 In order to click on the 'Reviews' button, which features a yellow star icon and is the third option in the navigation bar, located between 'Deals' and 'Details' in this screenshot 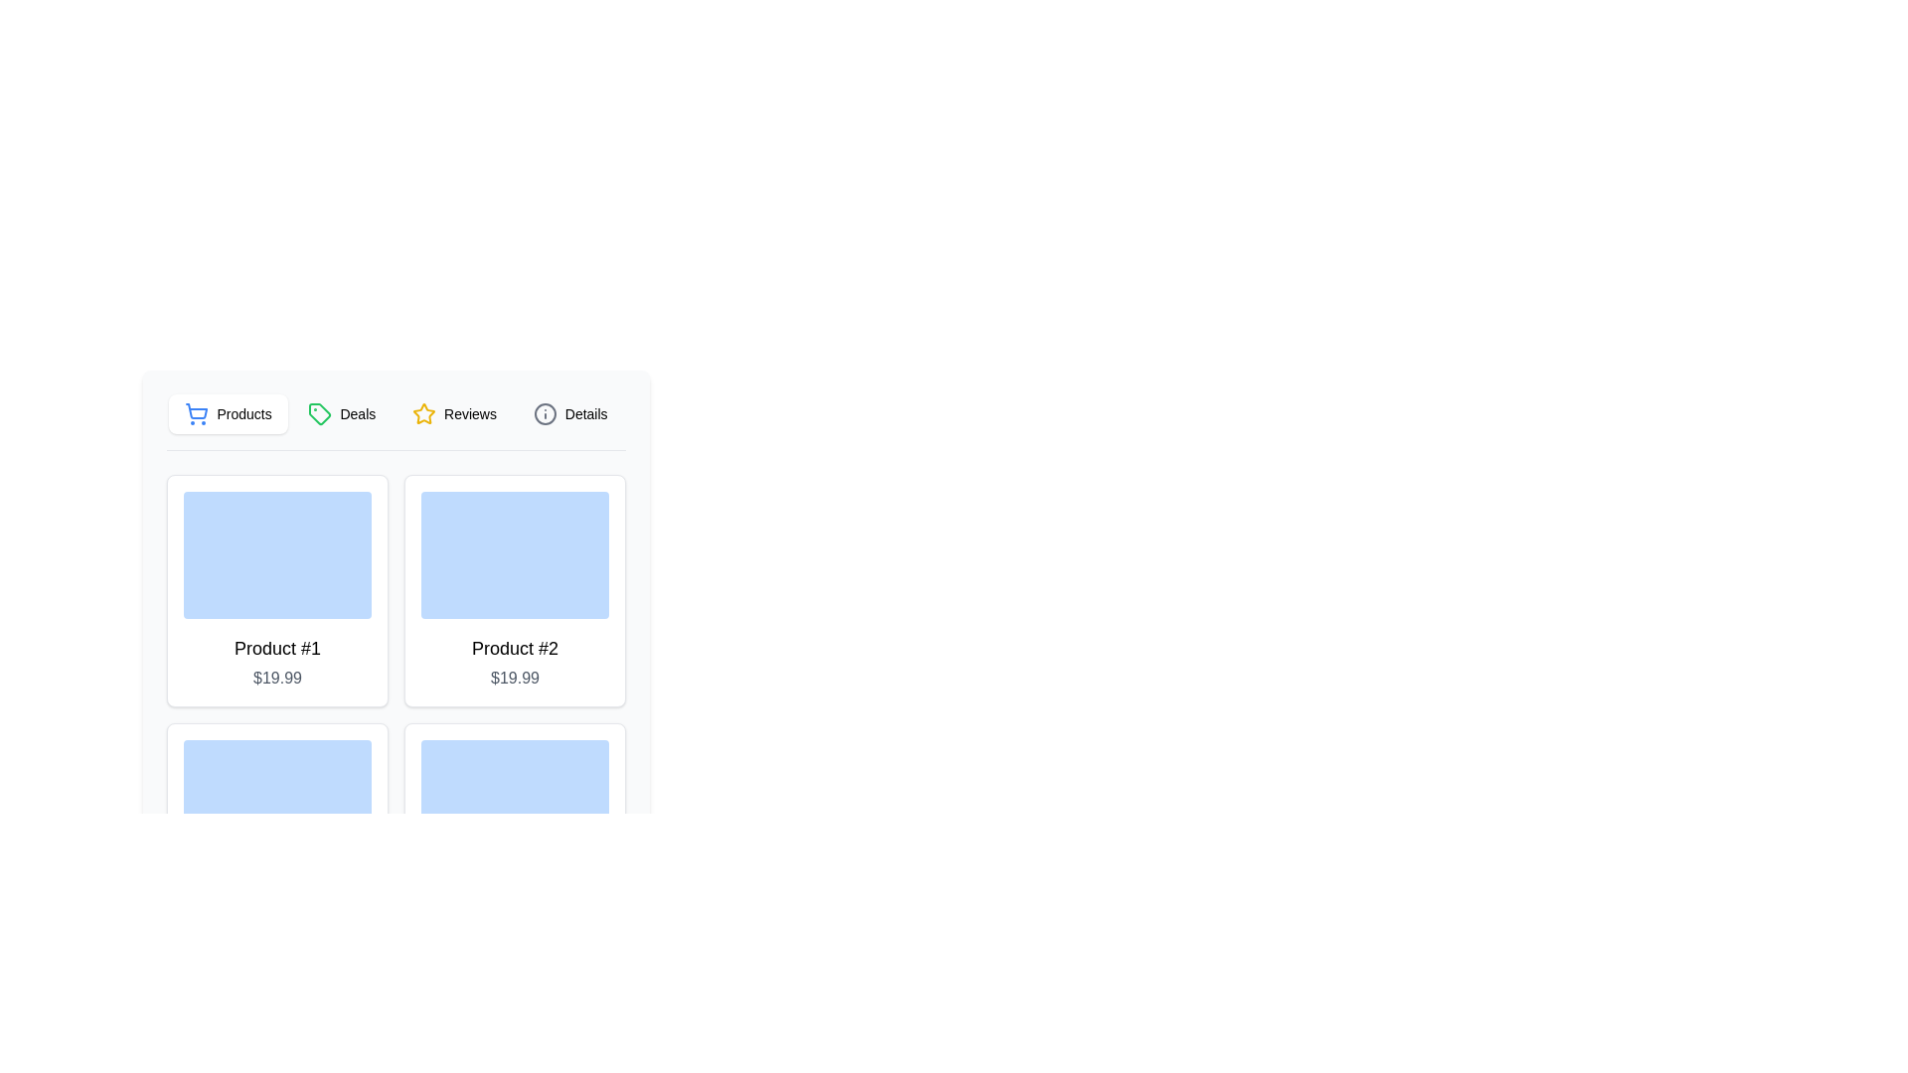, I will do `click(453, 412)`.